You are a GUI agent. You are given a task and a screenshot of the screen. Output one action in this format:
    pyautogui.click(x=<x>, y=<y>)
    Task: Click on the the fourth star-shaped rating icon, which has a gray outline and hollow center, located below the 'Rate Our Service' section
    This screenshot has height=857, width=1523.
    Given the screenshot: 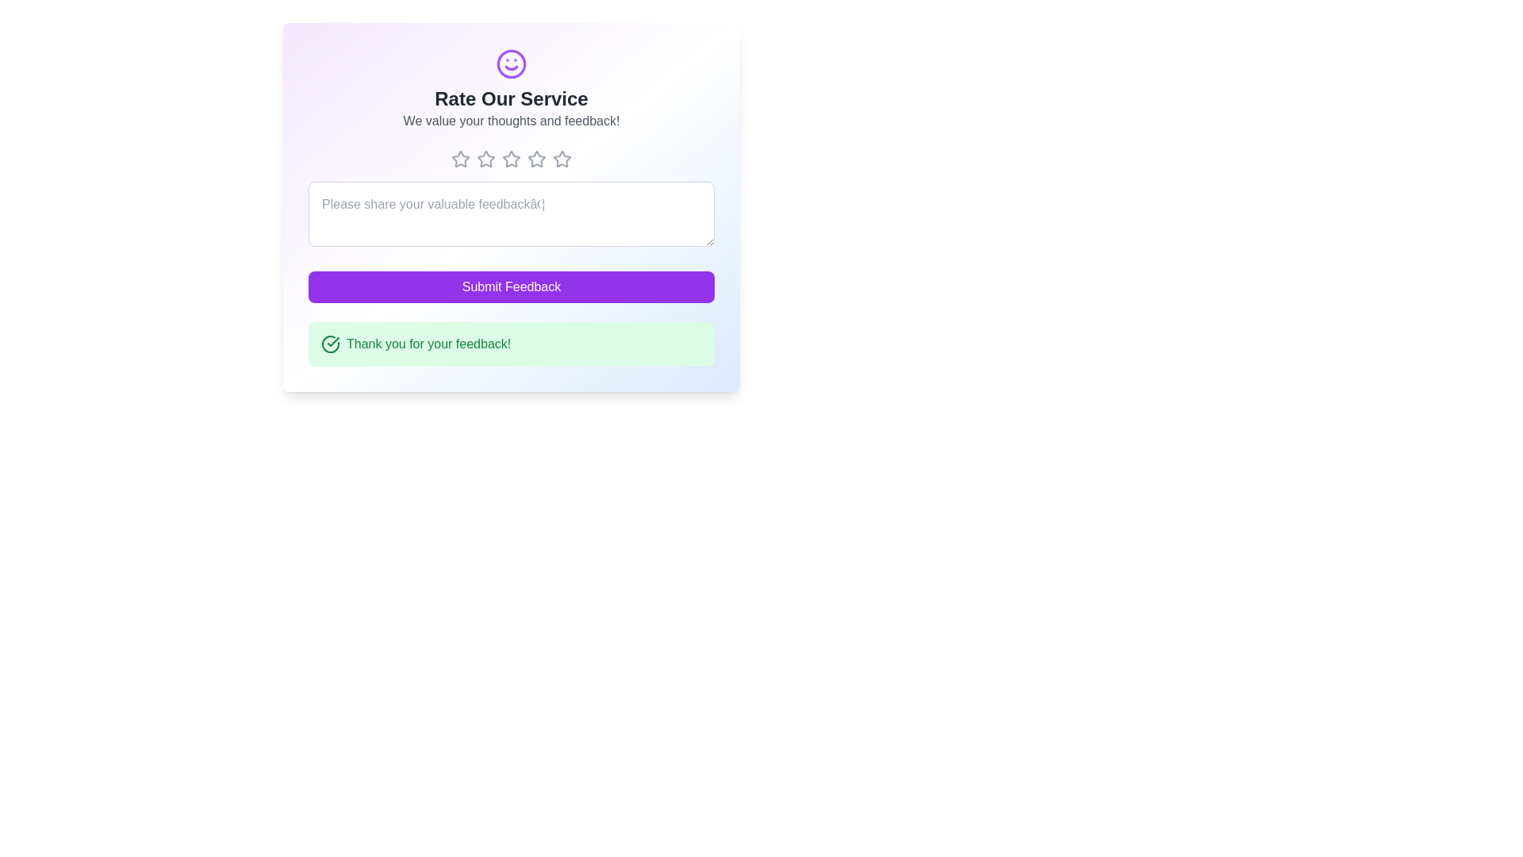 What is the action you would take?
    pyautogui.click(x=536, y=159)
    